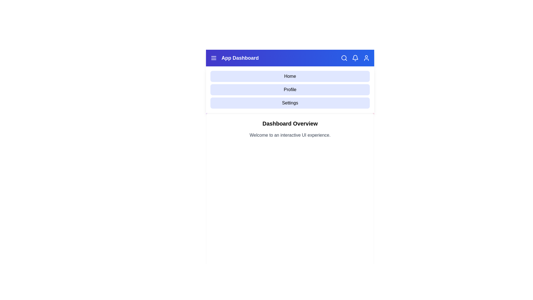 This screenshot has width=533, height=300. I want to click on the user profile icon in the navigation bar, so click(366, 58).